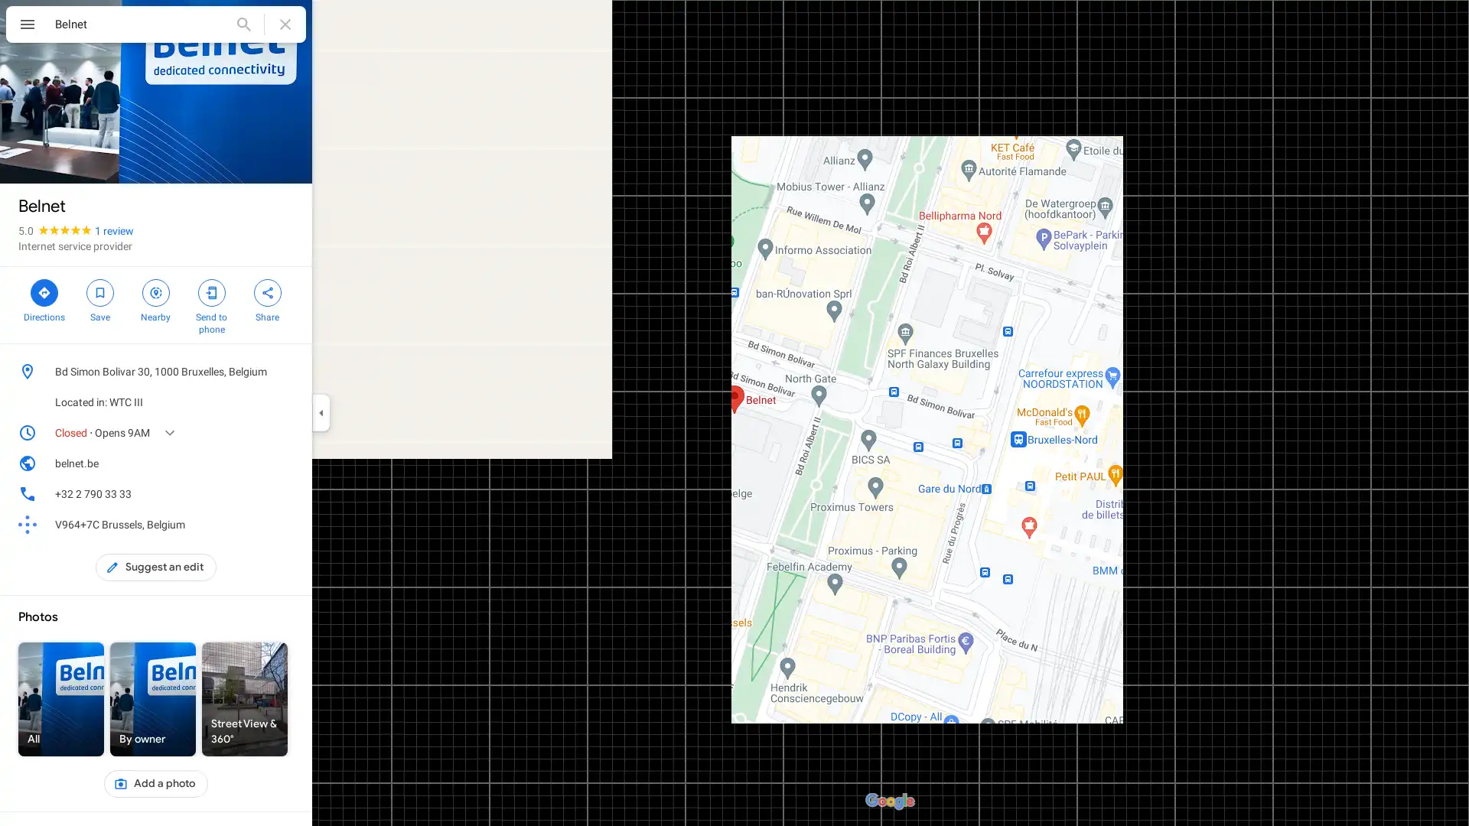 The height and width of the screenshot is (826, 1469). What do you see at coordinates (155, 784) in the screenshot?
I see `Add a photo` at bounding box center [155, 784].